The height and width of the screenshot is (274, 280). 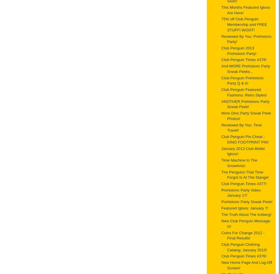 What do you see at coordinates (246, 69) in the screenshot?
I see `'And MORE Prehistoric Party Sneak Peeks...'` at bounding box center [246, 69].